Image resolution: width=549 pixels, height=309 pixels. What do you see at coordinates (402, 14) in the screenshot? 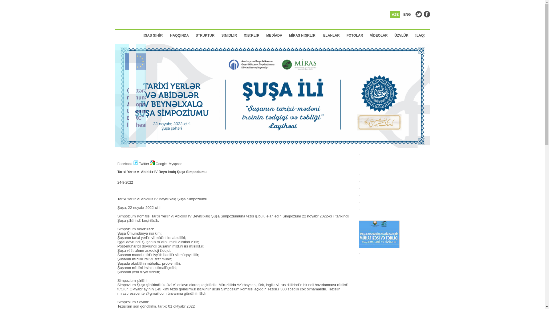
I see `'ENG'` at bounding box center [402, 14].